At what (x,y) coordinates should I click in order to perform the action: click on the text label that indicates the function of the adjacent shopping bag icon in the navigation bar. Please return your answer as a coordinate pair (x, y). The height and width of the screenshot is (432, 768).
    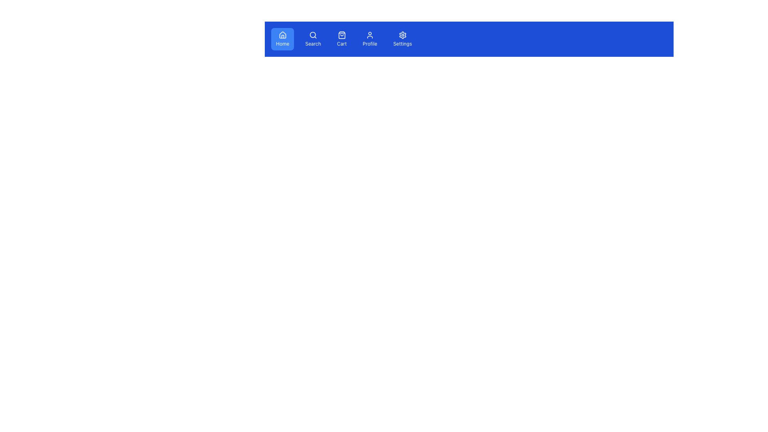
    Looking at the image, I should click on (342, 44).